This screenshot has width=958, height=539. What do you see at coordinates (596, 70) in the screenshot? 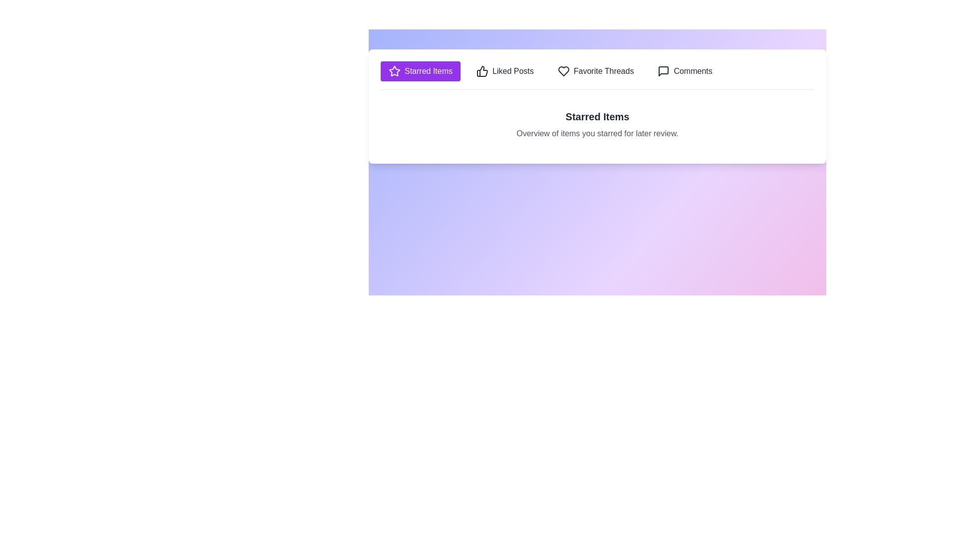
I see `the tab labeled Favorite Threads` at bounding box center [596, 70].